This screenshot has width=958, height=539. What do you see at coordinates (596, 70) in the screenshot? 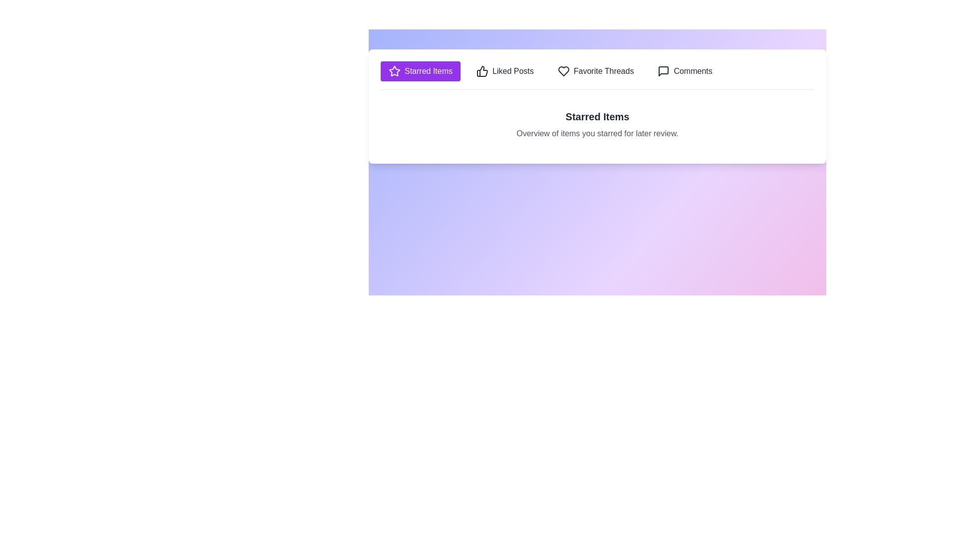
I see `the tab labeled Favorite Threads` at bounding box center [596, 70].